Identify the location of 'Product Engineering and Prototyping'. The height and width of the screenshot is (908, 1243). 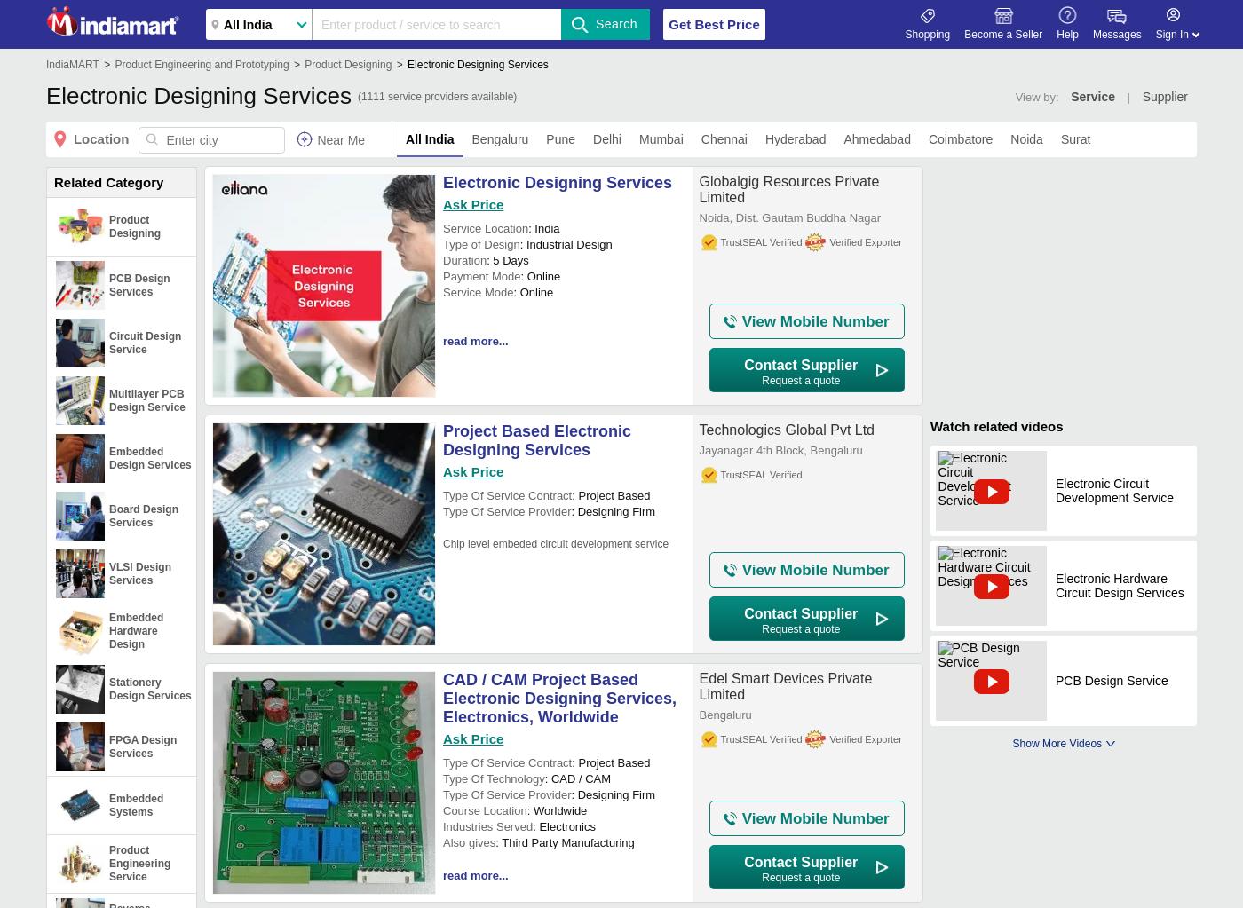
(201, 64).